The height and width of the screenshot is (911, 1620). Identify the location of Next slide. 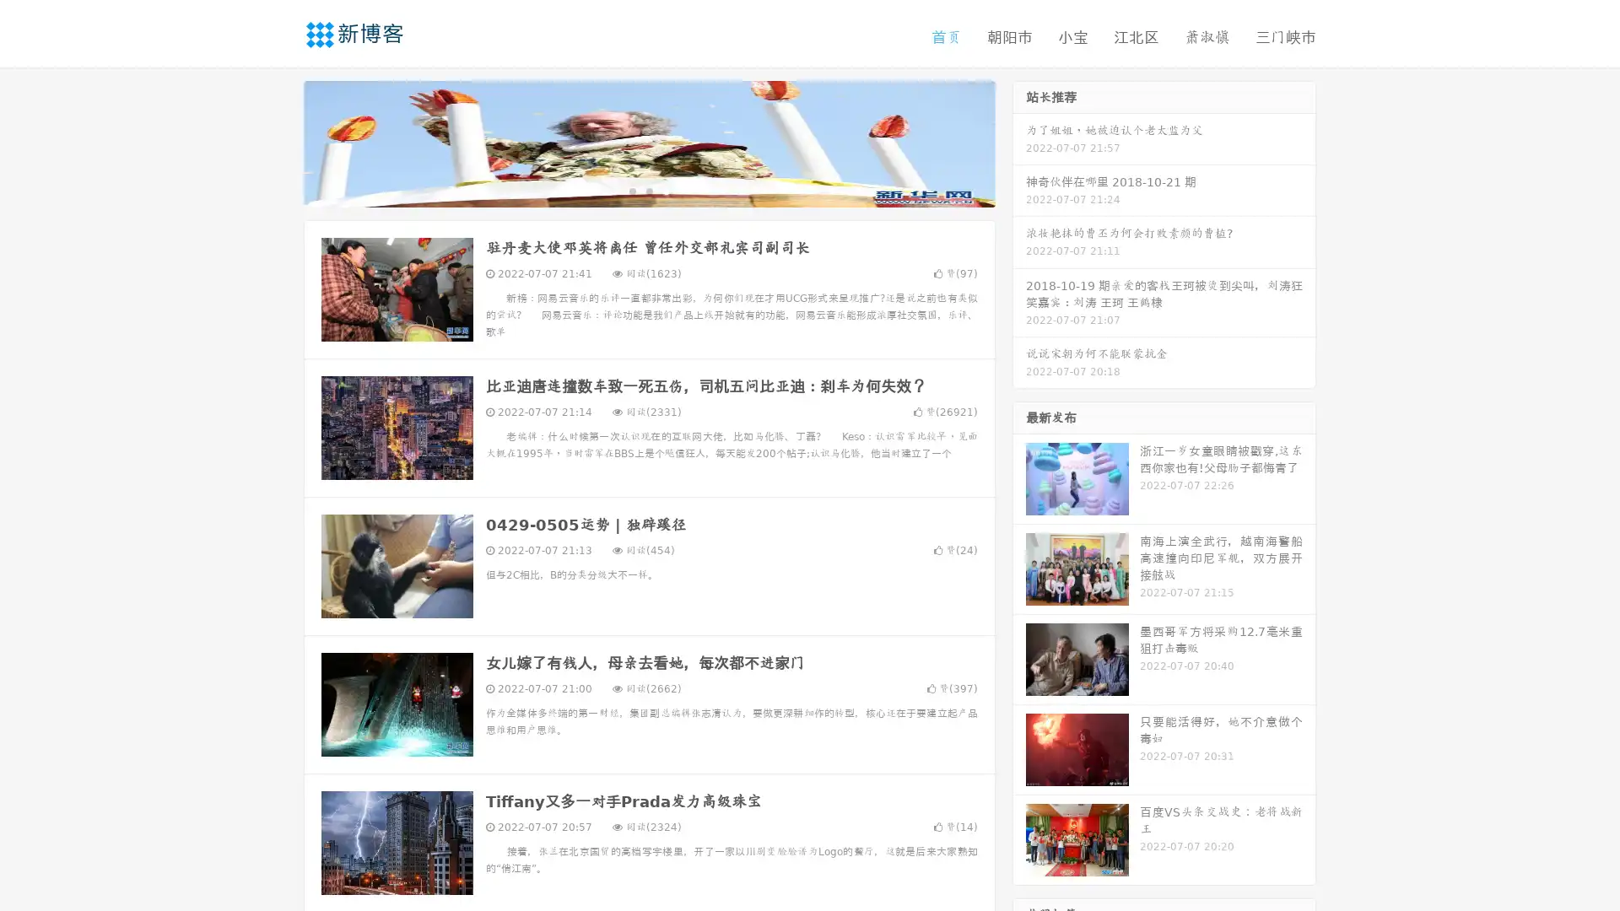
(1019, 142).